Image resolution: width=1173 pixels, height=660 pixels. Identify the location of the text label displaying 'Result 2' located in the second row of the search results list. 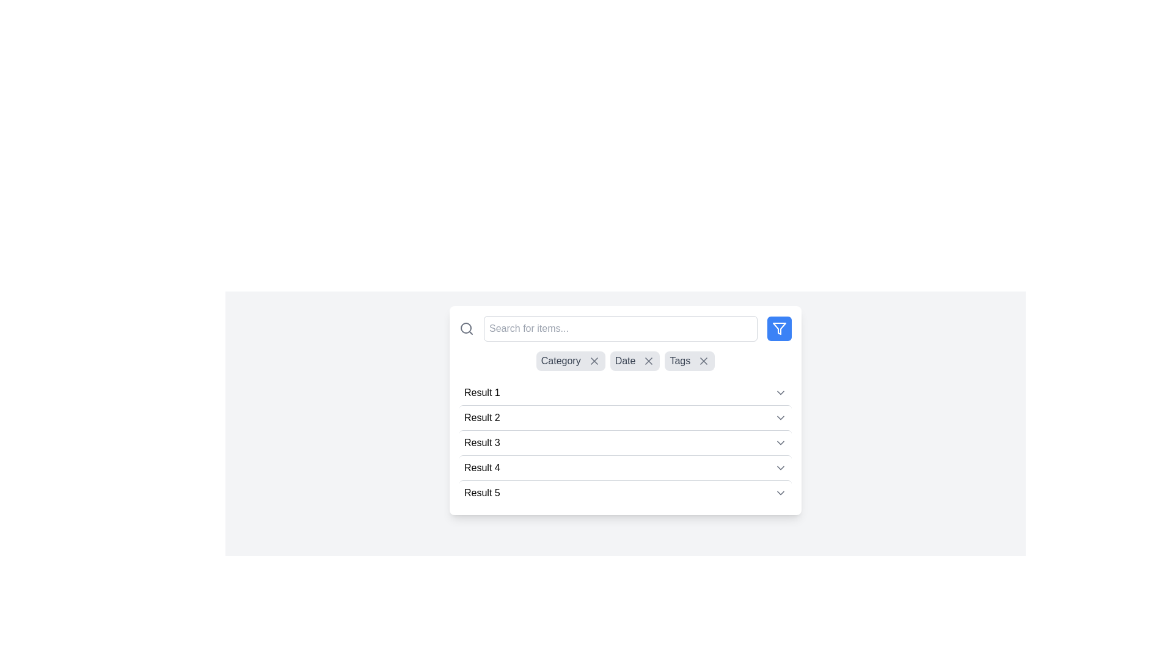
(481, 417).